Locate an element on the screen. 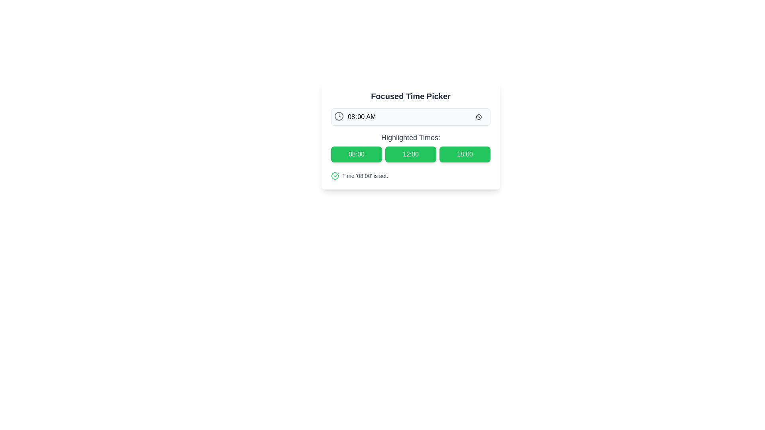 Image resolution: width=765 pixels, height=430 pixels. the second button labeled '12:00' in the 'Focused Time Picker' panel is located at coordinates (411, 154).